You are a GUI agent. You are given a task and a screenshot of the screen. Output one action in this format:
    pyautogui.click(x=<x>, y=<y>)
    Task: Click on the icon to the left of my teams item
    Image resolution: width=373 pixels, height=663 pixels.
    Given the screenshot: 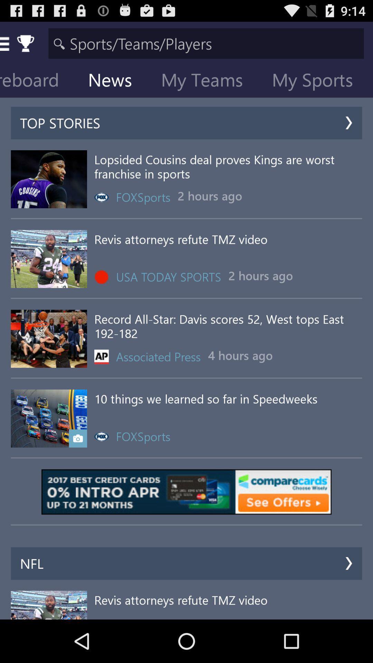 What is the action you would take?
    pyautogui.click(x=115, y=81)
    